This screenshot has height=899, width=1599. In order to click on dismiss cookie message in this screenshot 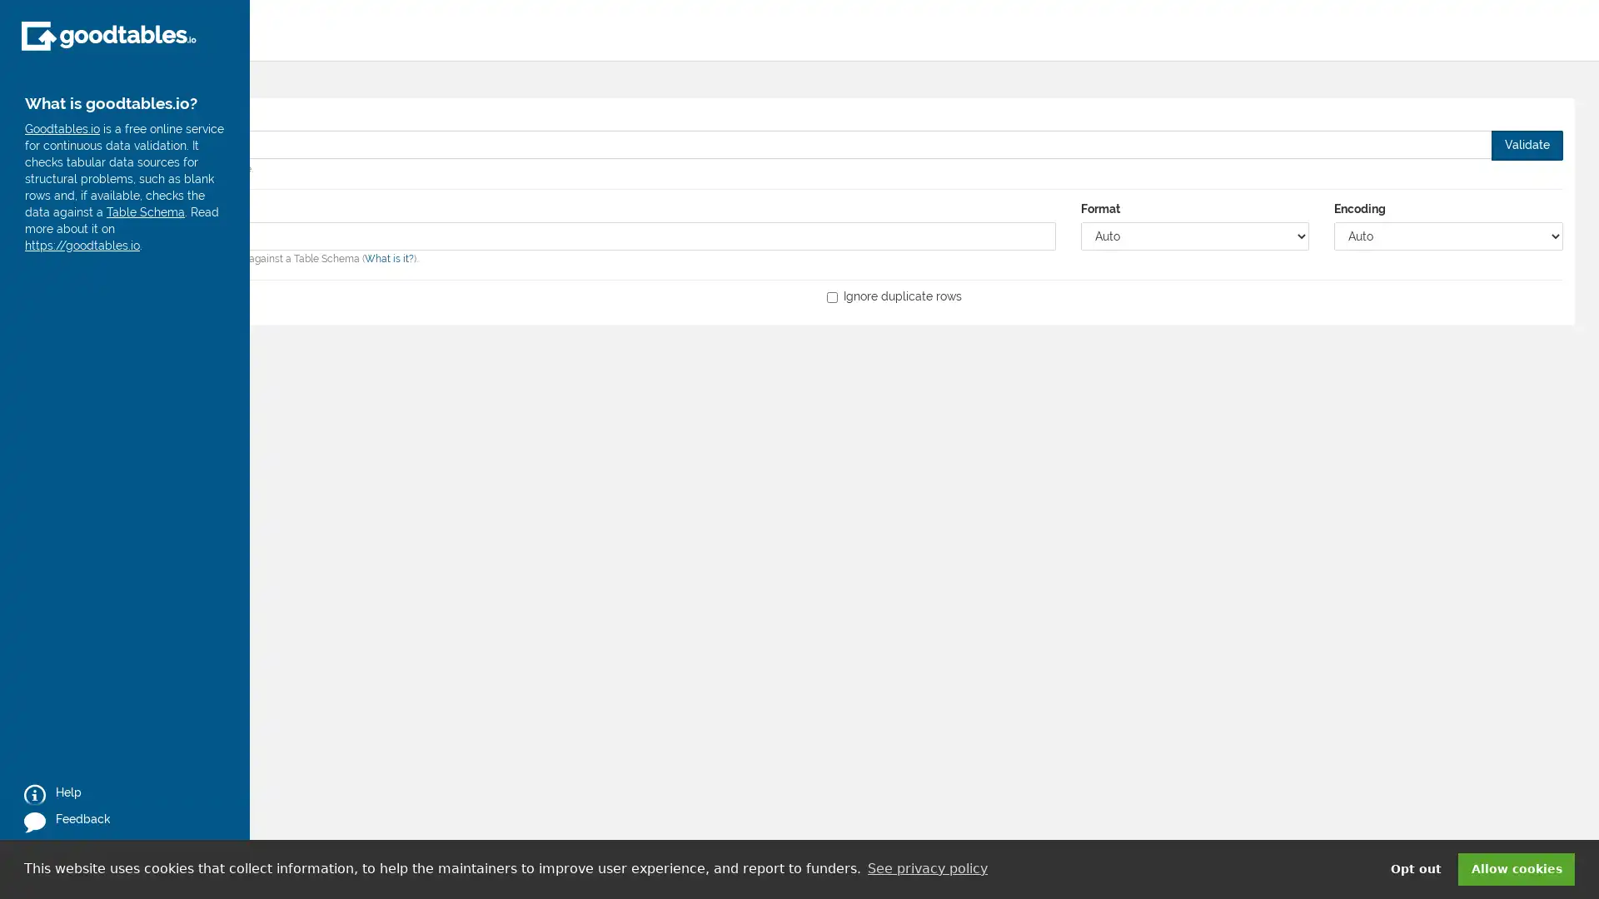, I will do `click(1516, 868)`.